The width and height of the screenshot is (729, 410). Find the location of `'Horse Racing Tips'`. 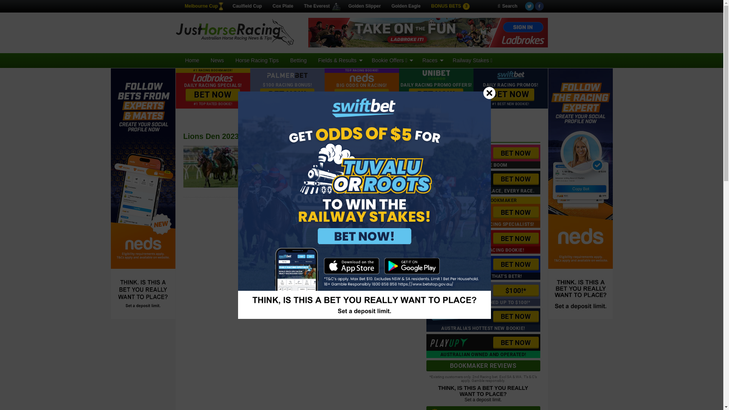

'Horse Racing Tips' is located at coordinates (257, 60).